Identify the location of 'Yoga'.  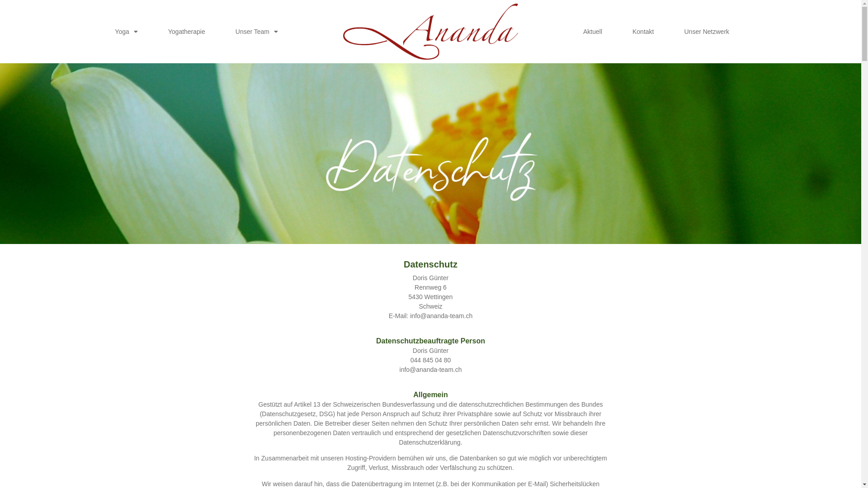
(125, 31).